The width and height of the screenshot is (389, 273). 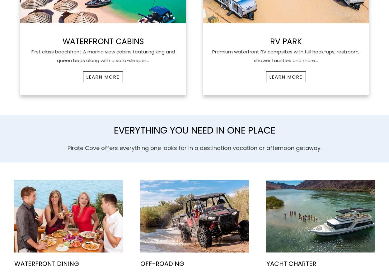 I want to click on 'rv park', so click(x=286, y=41).